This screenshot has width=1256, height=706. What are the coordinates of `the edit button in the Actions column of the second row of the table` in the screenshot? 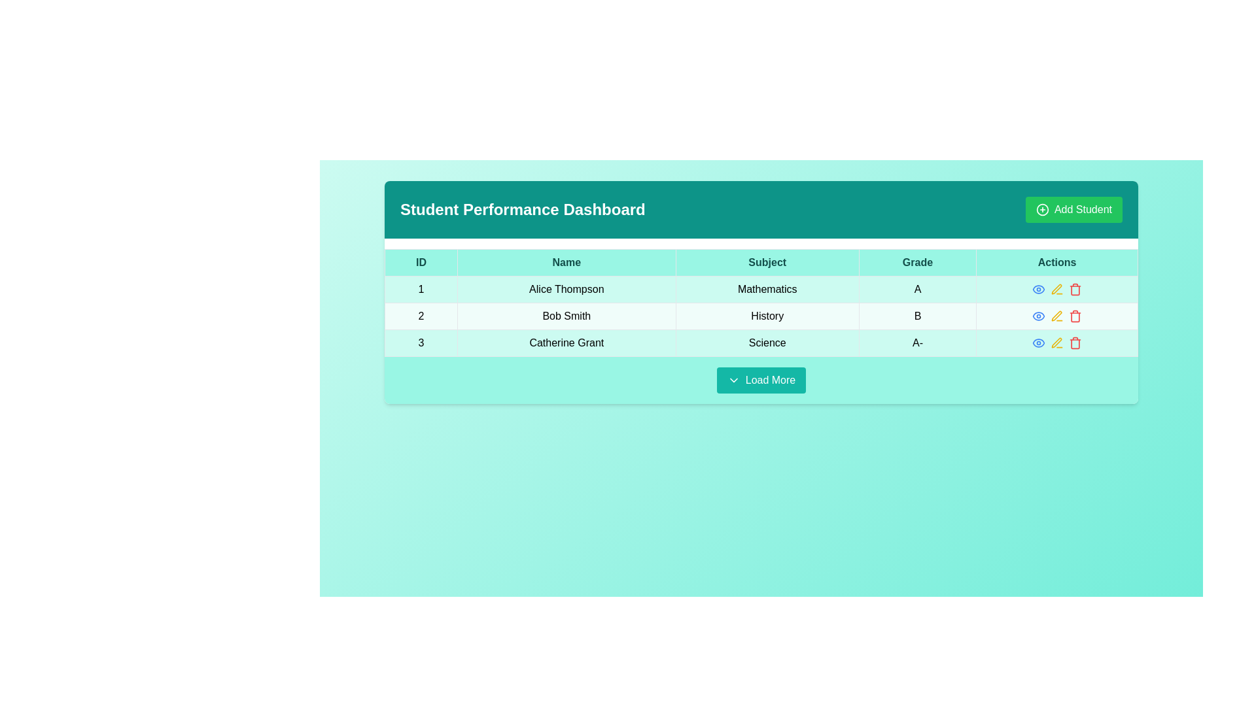 It's located at (1057, 316).